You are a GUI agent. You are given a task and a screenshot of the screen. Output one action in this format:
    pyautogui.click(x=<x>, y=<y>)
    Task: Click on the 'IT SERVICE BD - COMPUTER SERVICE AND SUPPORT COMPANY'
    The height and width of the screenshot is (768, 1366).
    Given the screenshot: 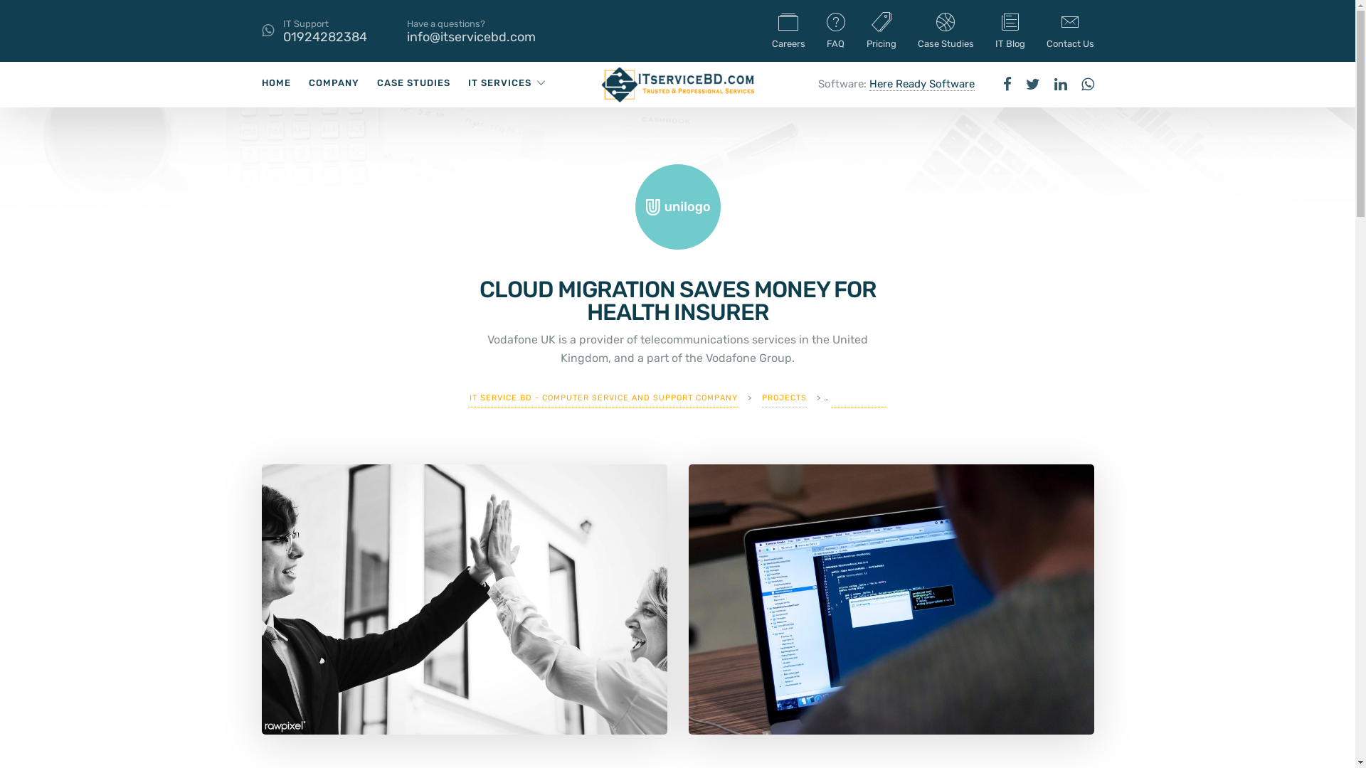 What is the action you would take?
    pyautogui.click(x=603, y=398)
    